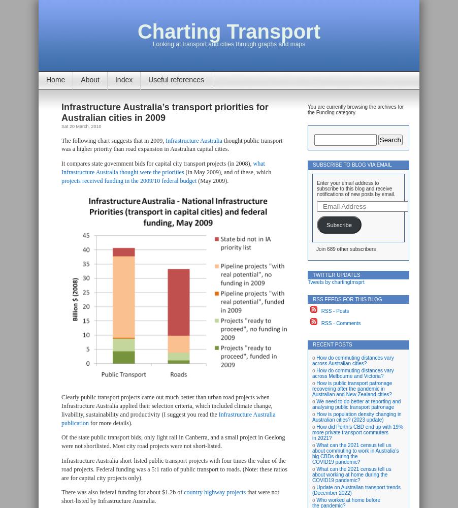 This screenshot has height=508, width=458. I want to click on 'The following chart suggests that in 2009,', so click(113, 140).